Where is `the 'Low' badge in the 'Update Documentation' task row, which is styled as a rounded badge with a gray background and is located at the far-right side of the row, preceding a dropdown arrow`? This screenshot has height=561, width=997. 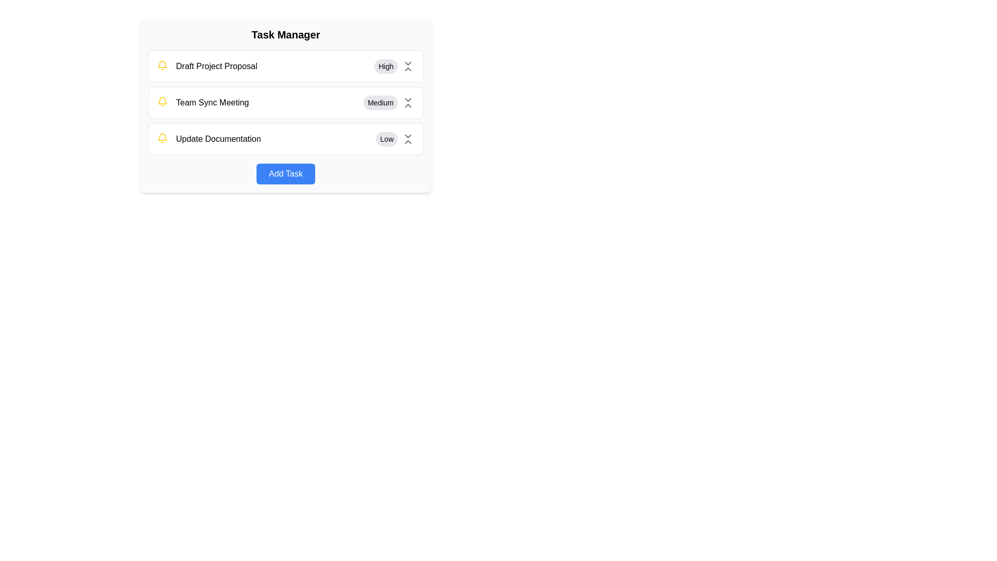 the 'Low' badge in the 'Update Documentation' task row, which is styled as a rounded badge with a gray background and is located at the far-right side of the row, preceding a dropdown arrow is located at coordinates (395, 138).